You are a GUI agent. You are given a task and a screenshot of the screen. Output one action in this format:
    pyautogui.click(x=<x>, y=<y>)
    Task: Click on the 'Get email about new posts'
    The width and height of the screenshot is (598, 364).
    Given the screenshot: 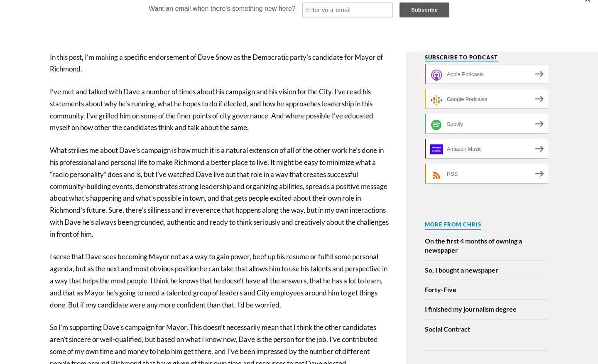 What is the action you would take?
    pyautogui.click(x=481, y=15)
    